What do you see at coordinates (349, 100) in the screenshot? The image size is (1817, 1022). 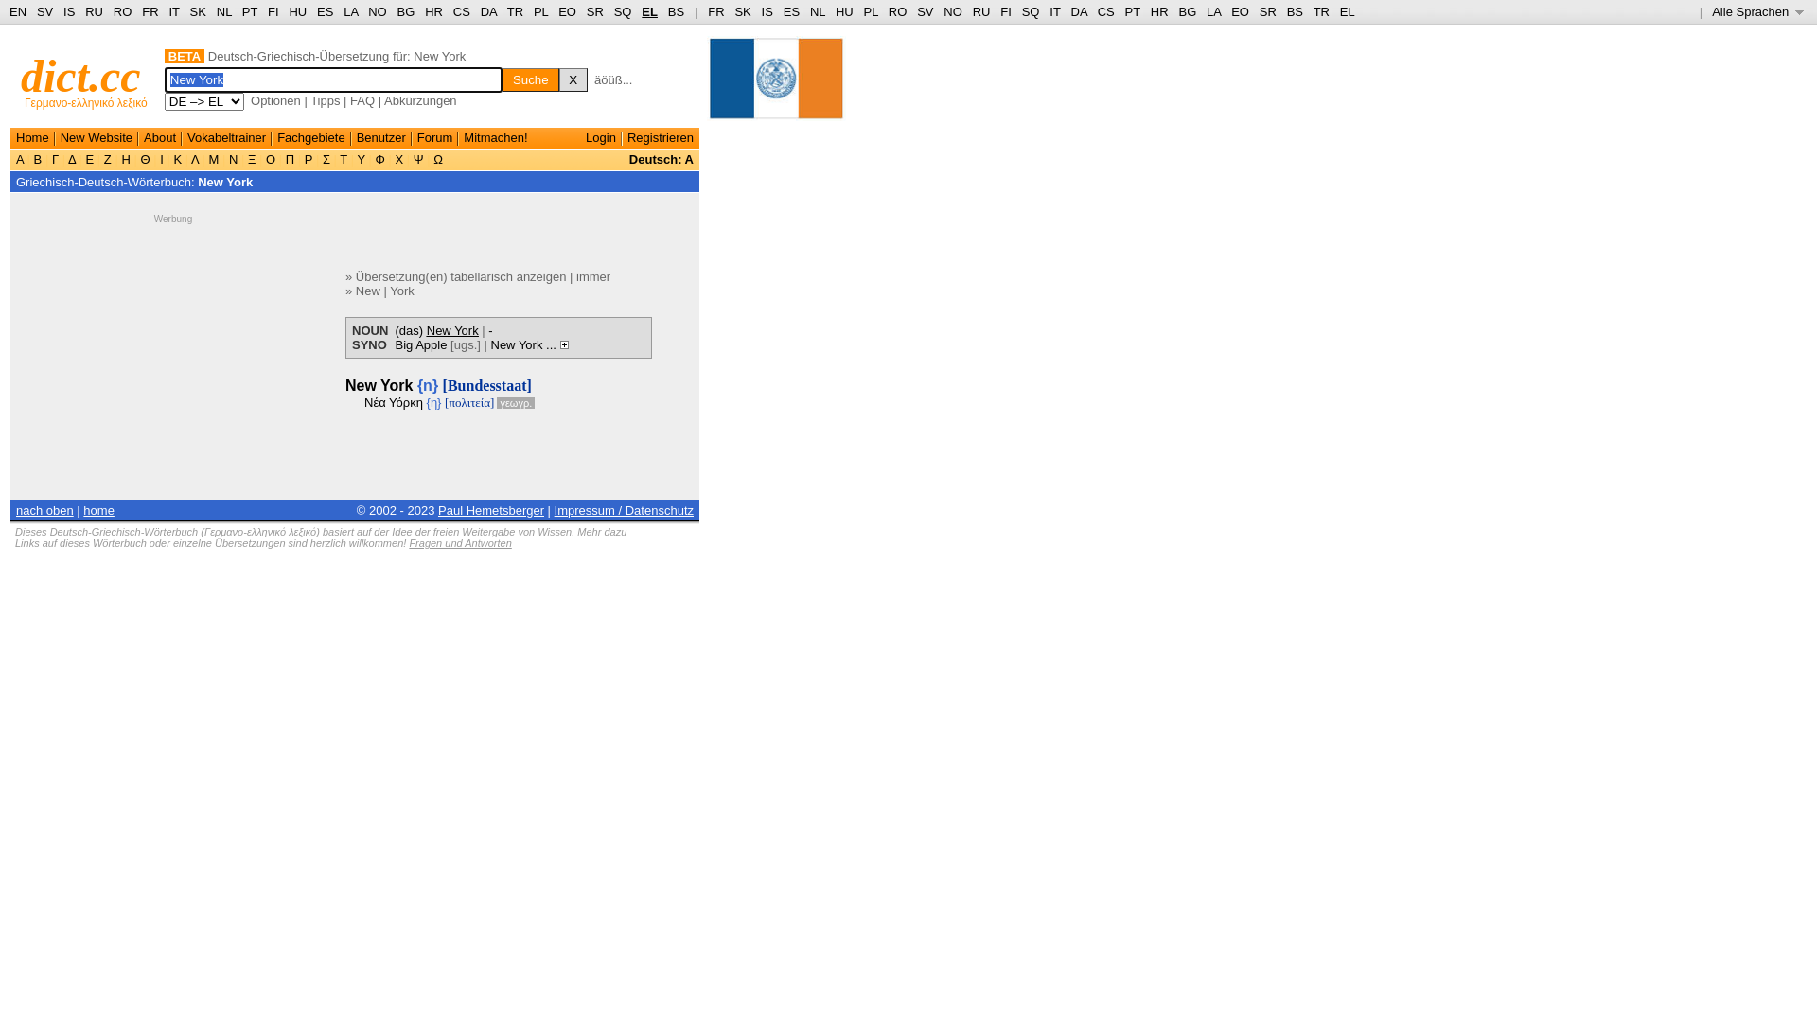 I see `'FAQ'` at bounding box center [349, 100].